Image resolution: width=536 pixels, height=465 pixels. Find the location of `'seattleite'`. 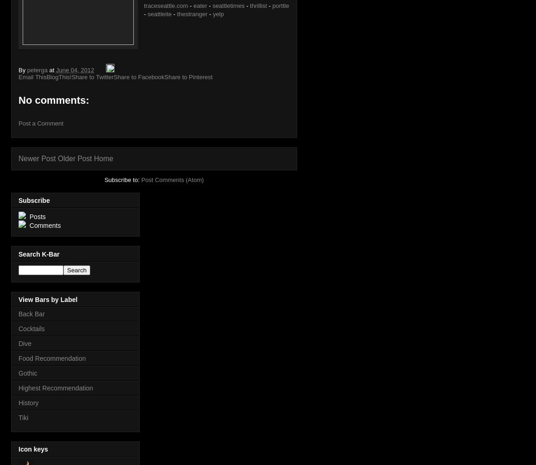

'seattleite' is located at coordinates (159, 14).